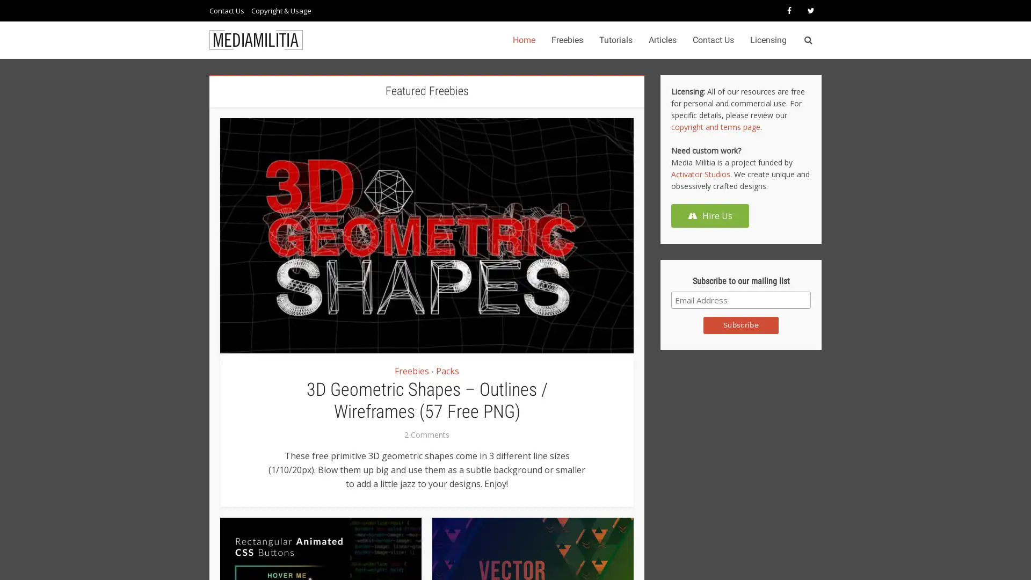 This screenshot has width=1031, height=580. Describe the element at coordinates (740, 324) in the screenshot. I see `Subscribe` at that location.